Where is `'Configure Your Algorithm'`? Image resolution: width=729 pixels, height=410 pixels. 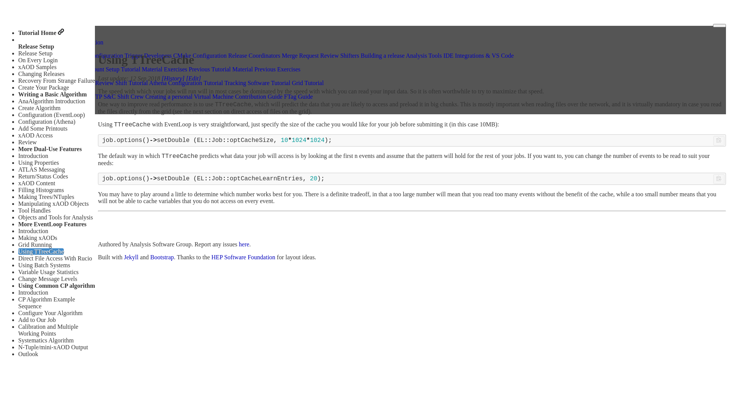
'Configure Your Algorithm' is located at coordinates (50, 313).